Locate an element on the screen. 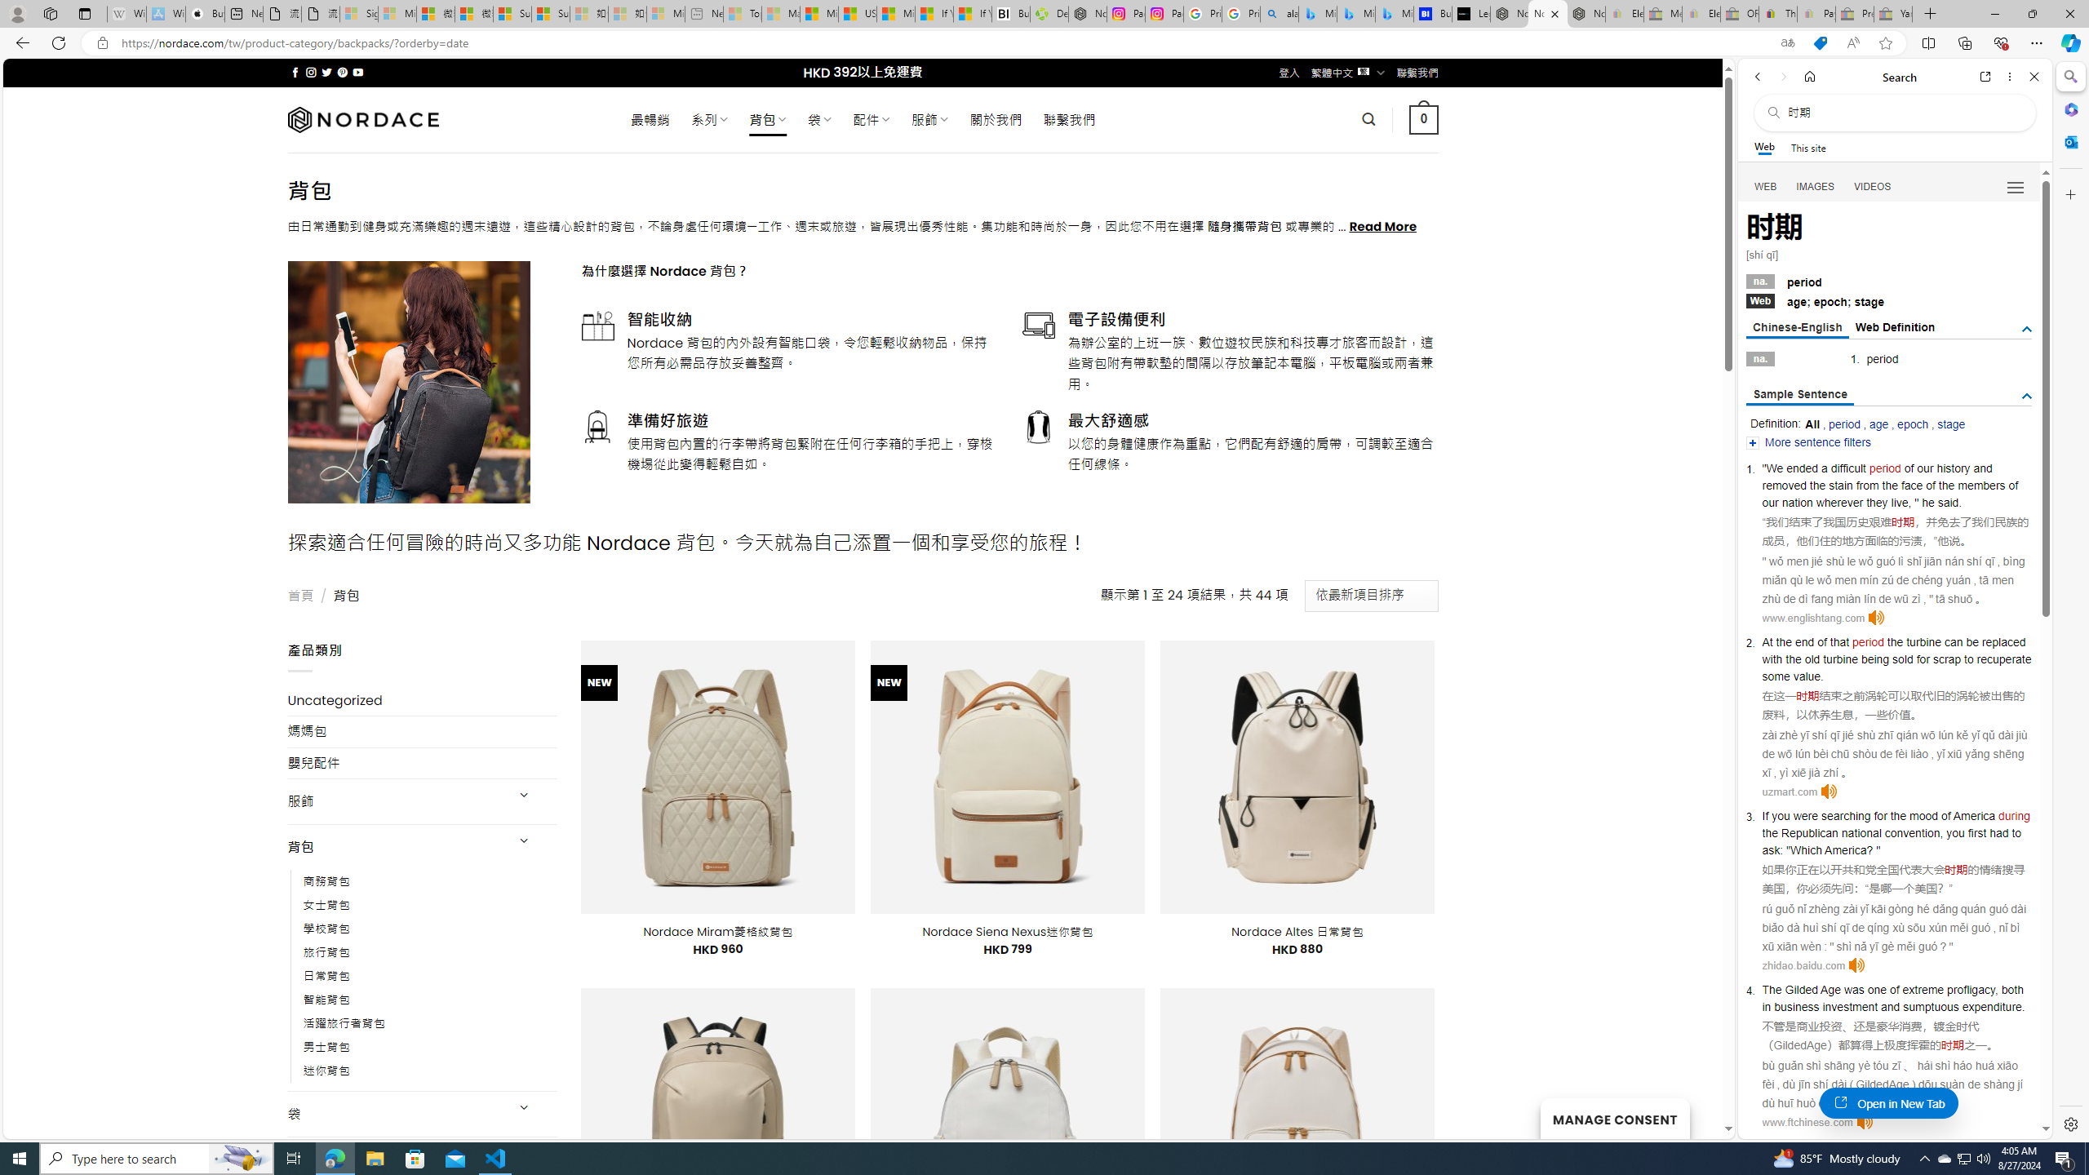 This screenshot has width=2089, height=1175. 'Follow on Facebook' is located at coordinates (295, 72).